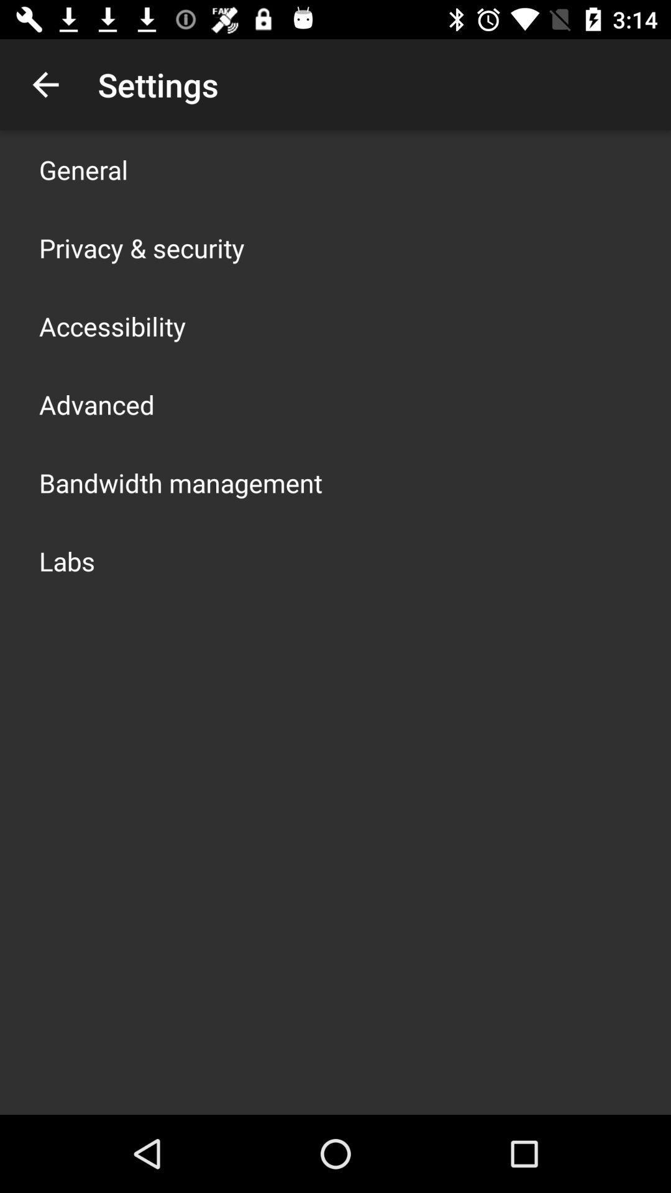 This screenshot has width=671, height=1193. I want to click on general item, so click(83, 169).